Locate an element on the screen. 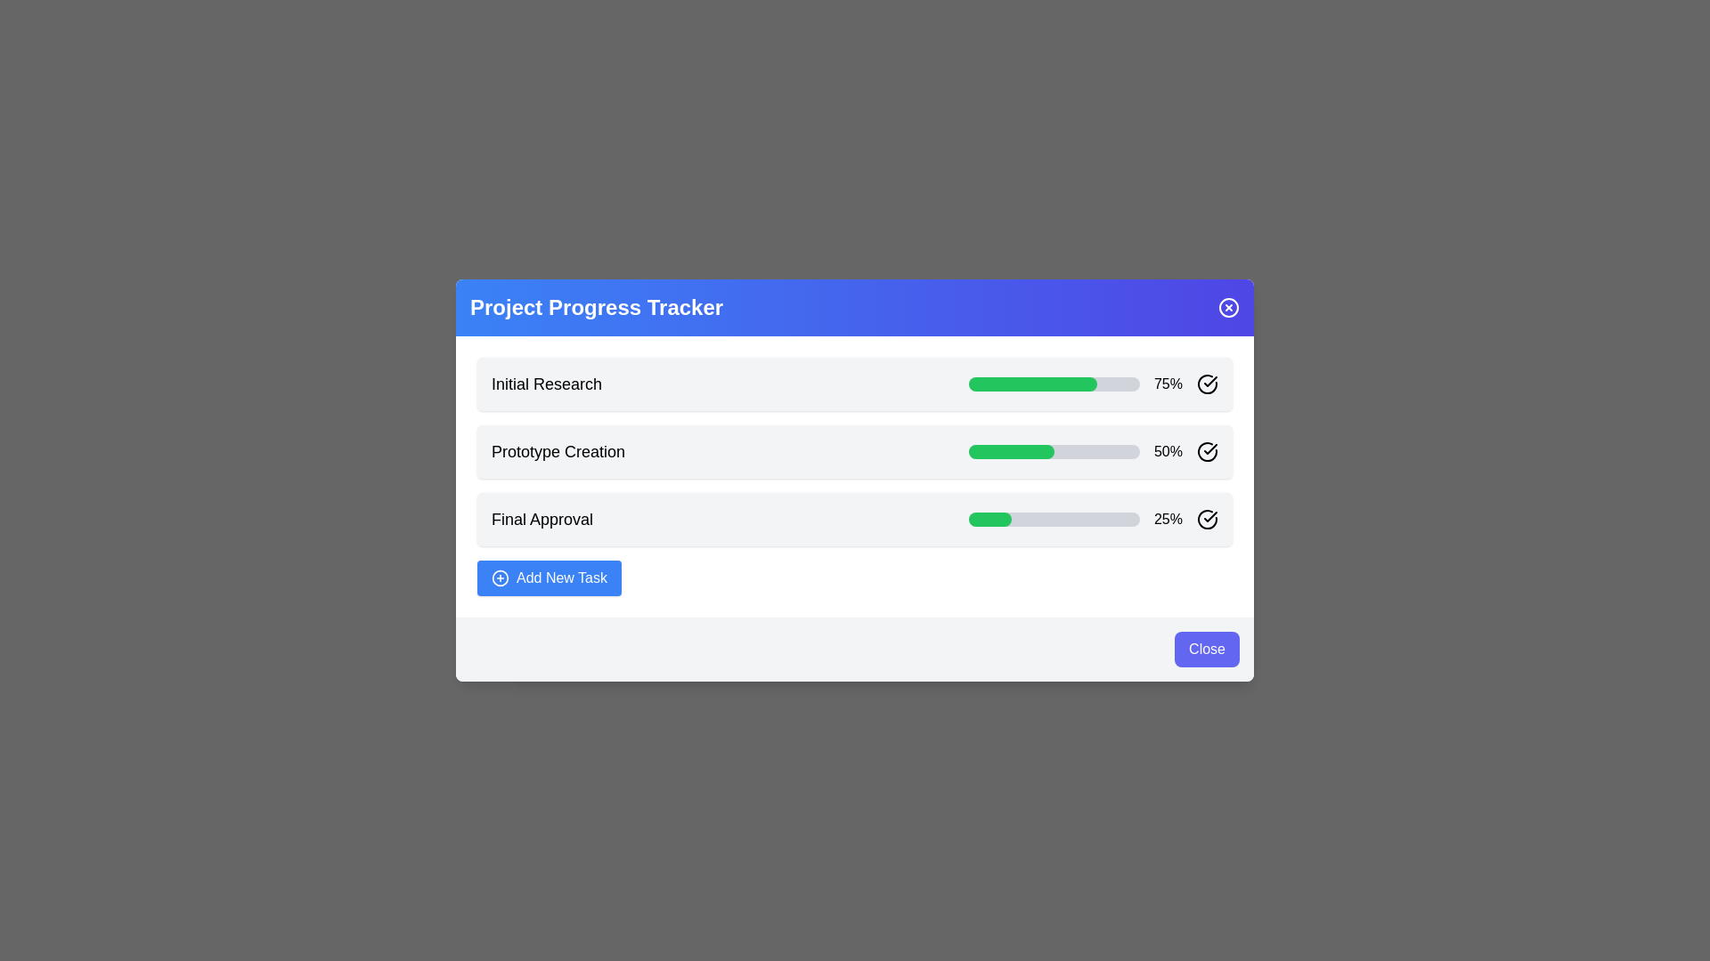 This screenshot has height=961, width=1710. the 'Add New Task' button located at the bottom-left of the project progress tracker card to initiate task addition is located at coordinates (560, 578).